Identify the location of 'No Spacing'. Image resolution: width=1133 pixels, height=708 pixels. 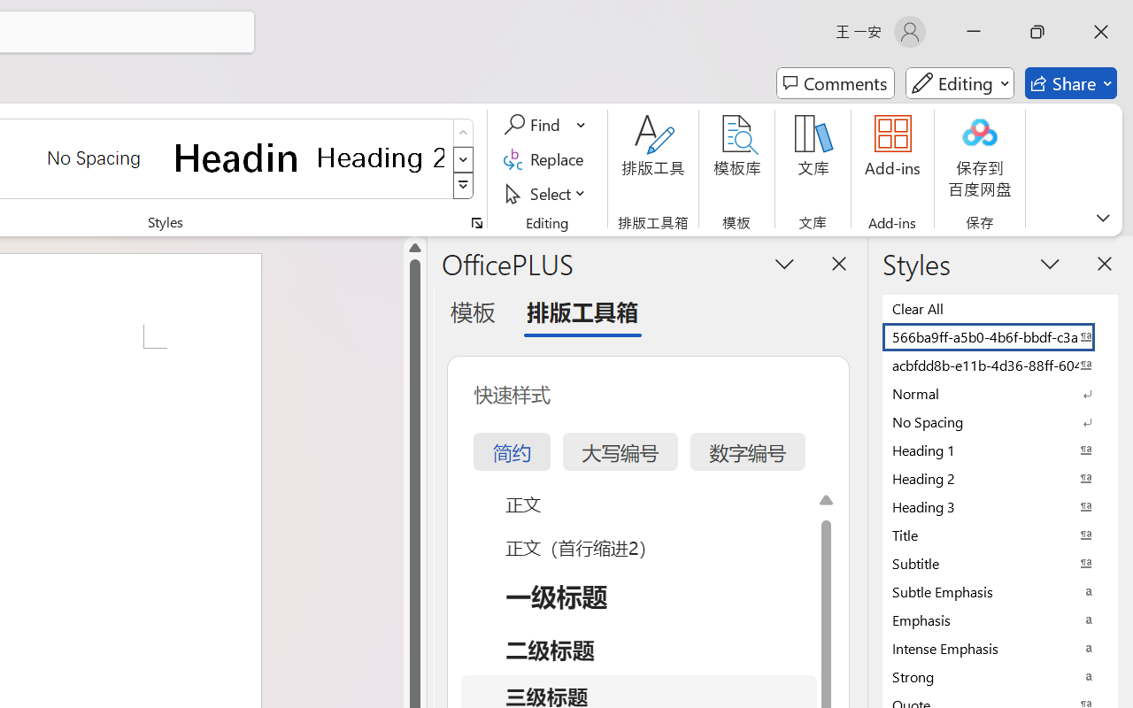
(1000, 421).